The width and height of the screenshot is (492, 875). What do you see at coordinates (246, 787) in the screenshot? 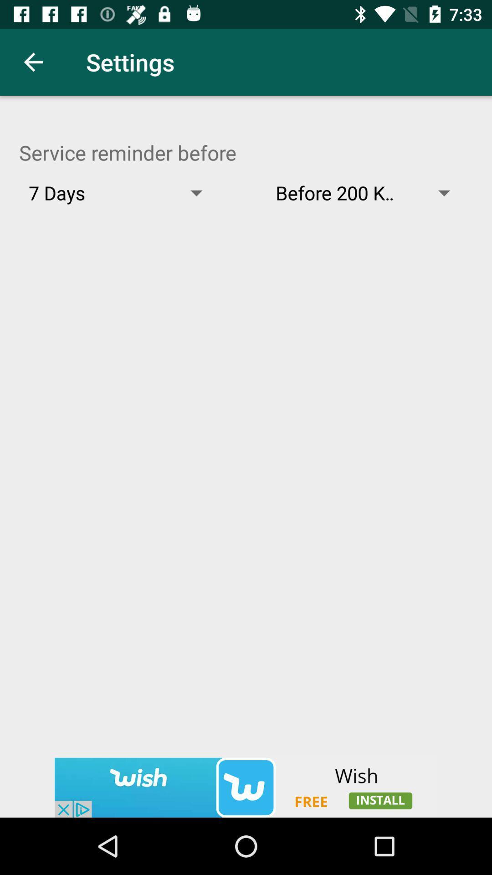
I see `the advertisement` at bounding box center [246, 787].